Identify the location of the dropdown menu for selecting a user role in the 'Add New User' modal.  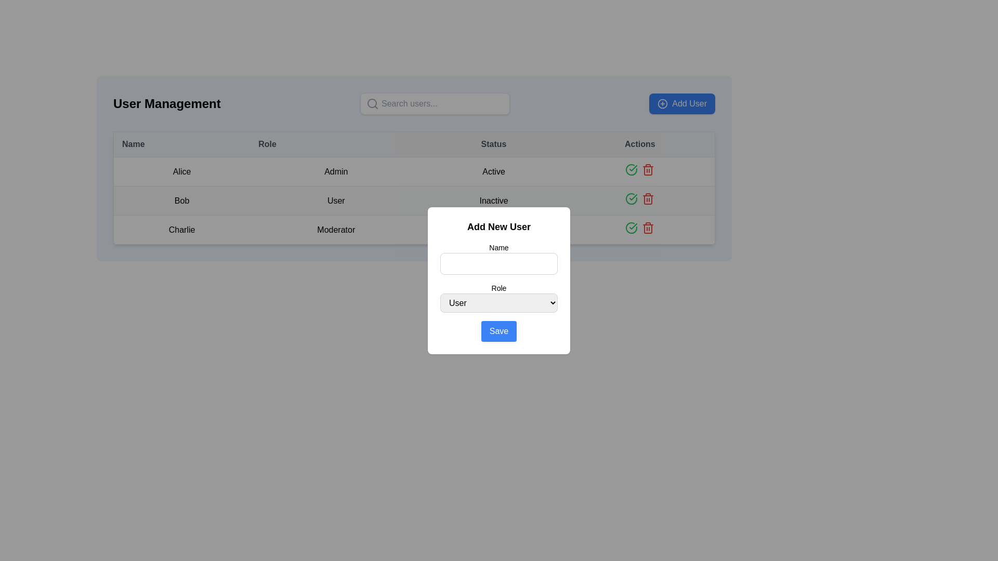
(499, 302).